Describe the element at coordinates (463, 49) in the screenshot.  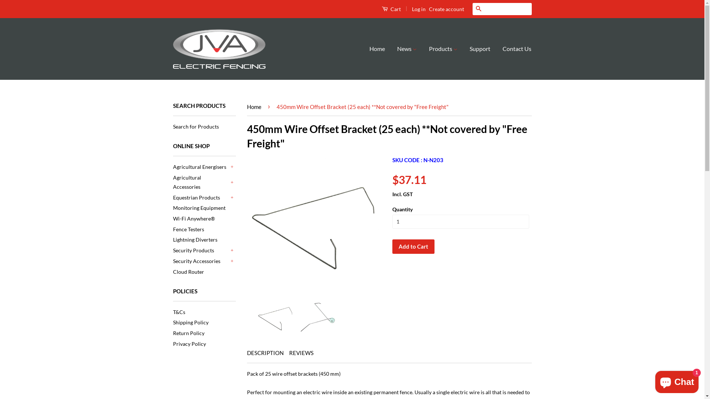
I see `'Support'` at that location.